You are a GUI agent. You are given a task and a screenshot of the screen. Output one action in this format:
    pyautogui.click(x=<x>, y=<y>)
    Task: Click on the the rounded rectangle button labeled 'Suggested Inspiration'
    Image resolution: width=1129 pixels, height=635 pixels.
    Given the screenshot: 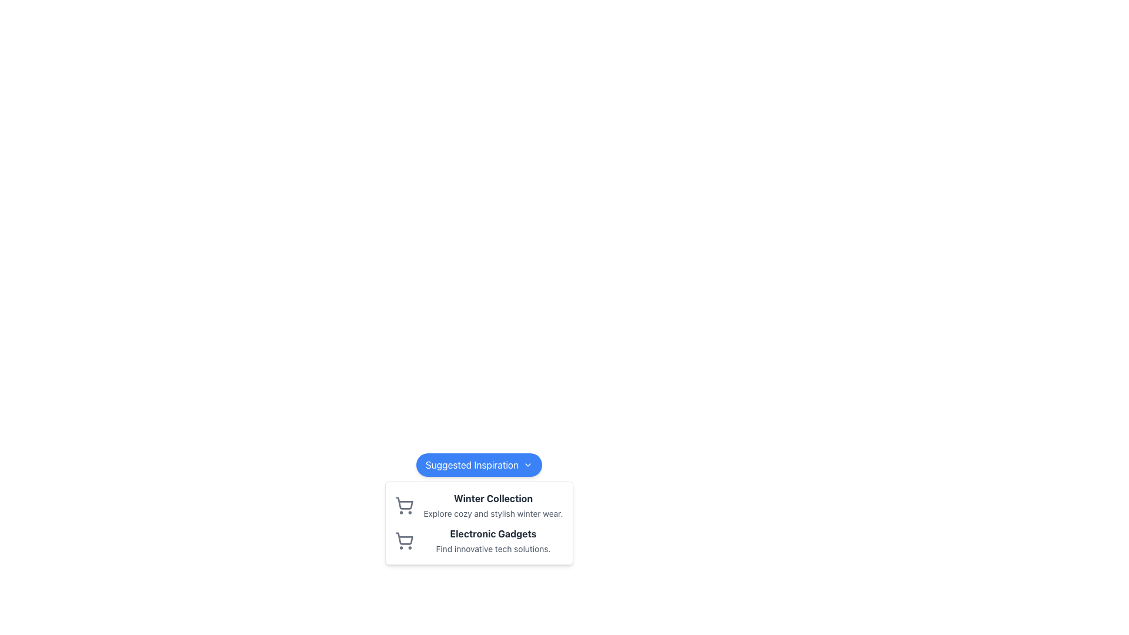 What is the action you would take?
    pyautogui.click(x=479, y=464)
    